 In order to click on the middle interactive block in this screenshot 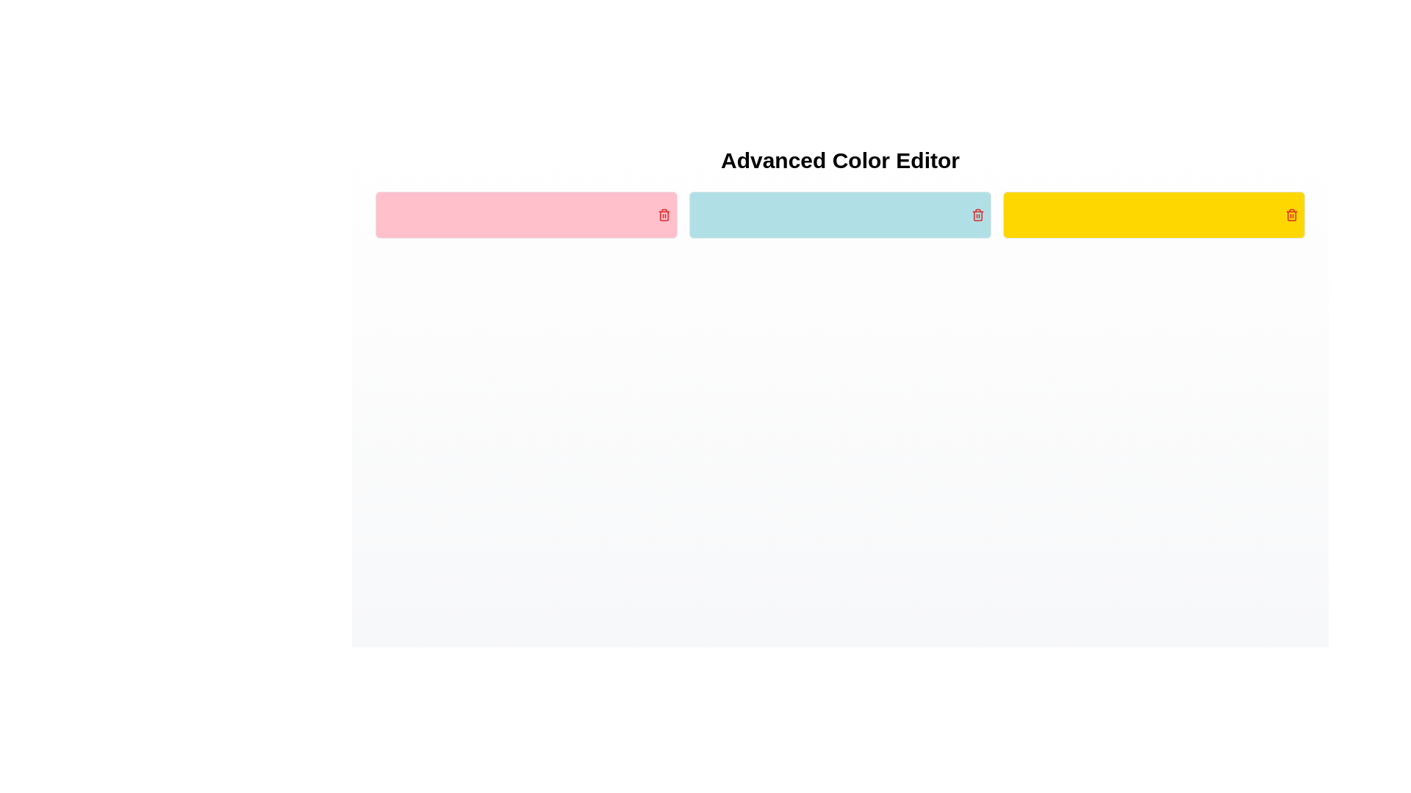, I will do `click(827, 215)`.